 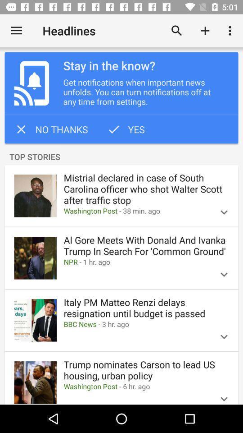 I want to click on the expand_more icon, so click(x=223, y=274).